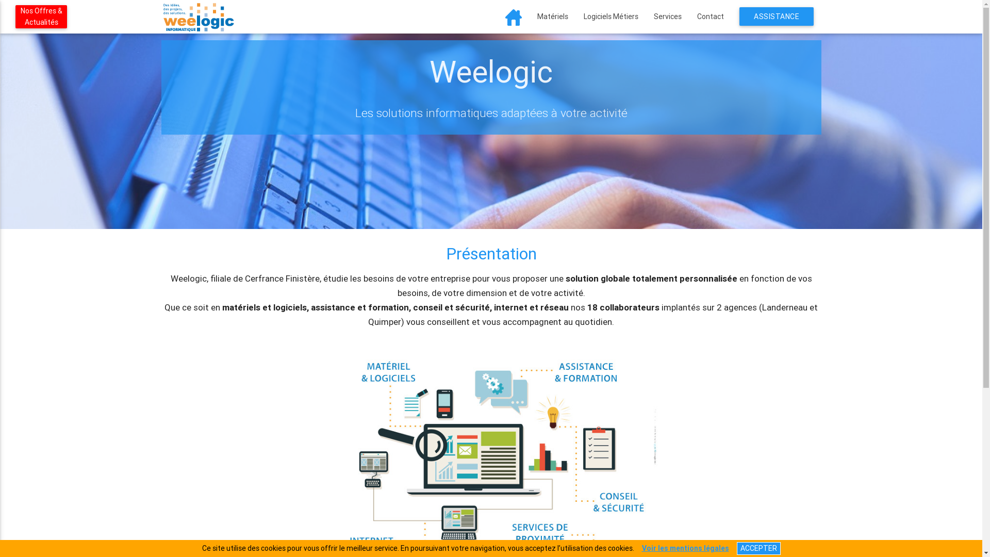 The height and width of the screenshot is (557, 990). I want to click on 'Services', so click(667, 16).